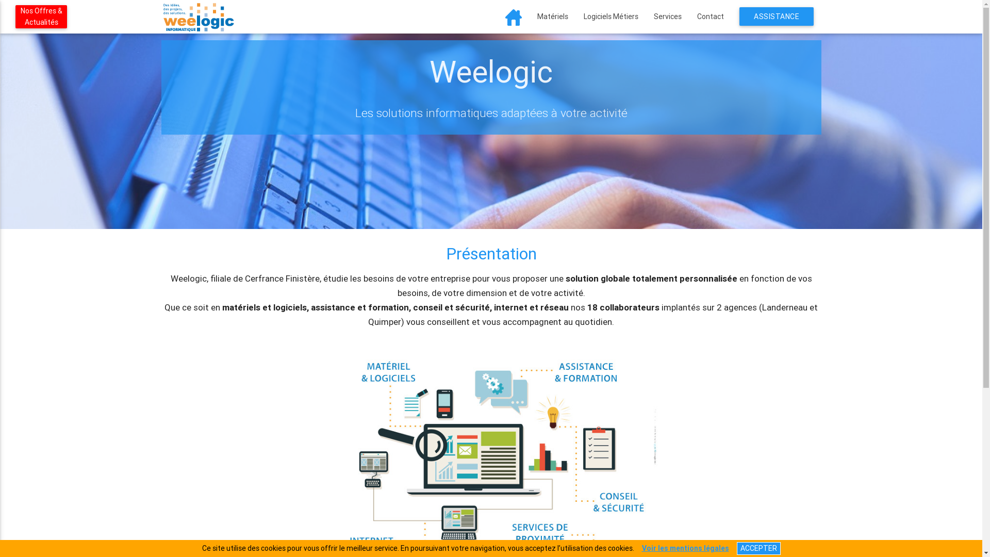 The height and width of the screenshot is (557, 990). I want to click on 'Services', so click(667, 16).